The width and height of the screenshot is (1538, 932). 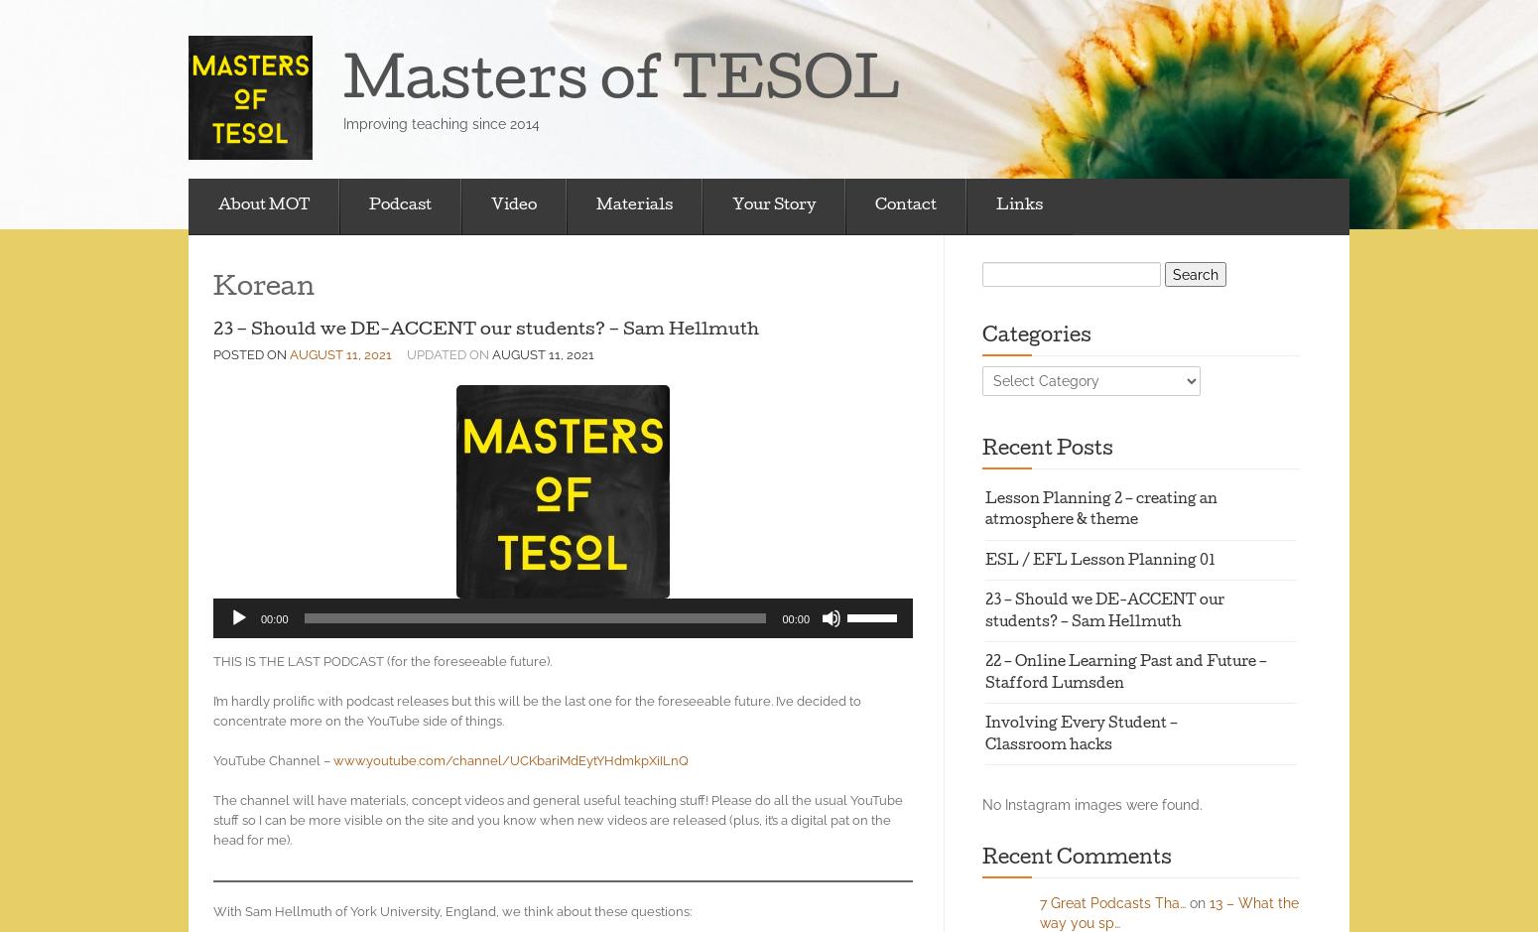 I want to click on 'Links', so click(x=1019, y=204).